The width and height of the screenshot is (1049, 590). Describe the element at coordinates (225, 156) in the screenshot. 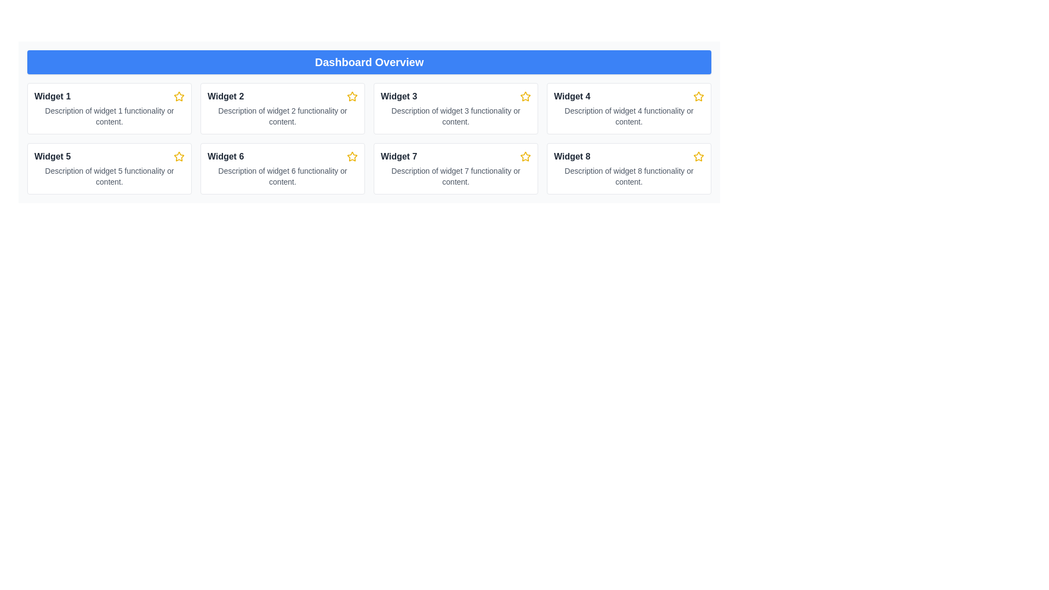

I see `the title text of 'Widget 6' located in the sixth card of the dashboard to focus on it` at that location.